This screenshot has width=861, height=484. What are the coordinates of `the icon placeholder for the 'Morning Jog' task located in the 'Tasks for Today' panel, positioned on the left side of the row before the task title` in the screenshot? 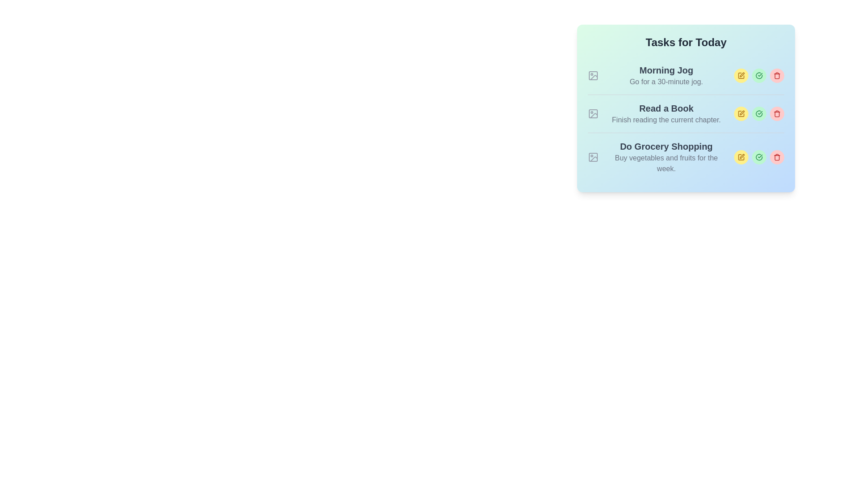 It's located at (593, 75).